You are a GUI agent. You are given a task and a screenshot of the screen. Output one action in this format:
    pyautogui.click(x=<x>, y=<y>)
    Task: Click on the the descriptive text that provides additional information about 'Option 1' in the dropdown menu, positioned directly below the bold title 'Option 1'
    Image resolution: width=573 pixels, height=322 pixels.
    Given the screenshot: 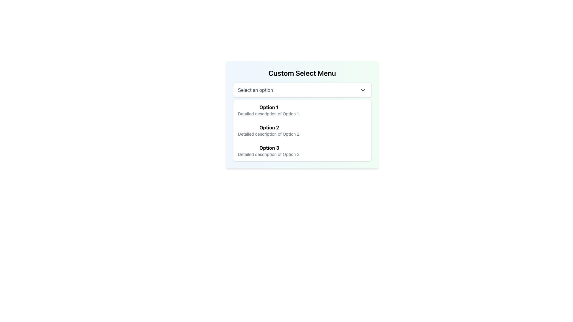 What is the action you would take?
    pyautogui.click(x=269, y=114)
    